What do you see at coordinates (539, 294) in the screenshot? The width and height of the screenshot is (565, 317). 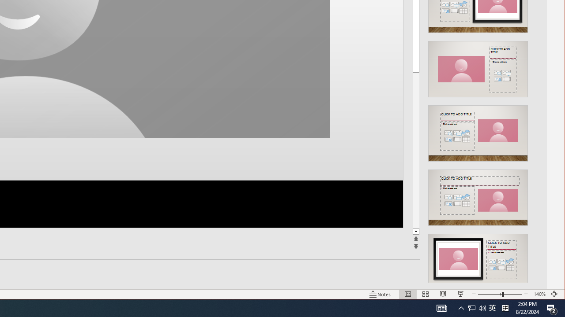 I see `'Zoom 140%'` at bounding box center [539, 294].